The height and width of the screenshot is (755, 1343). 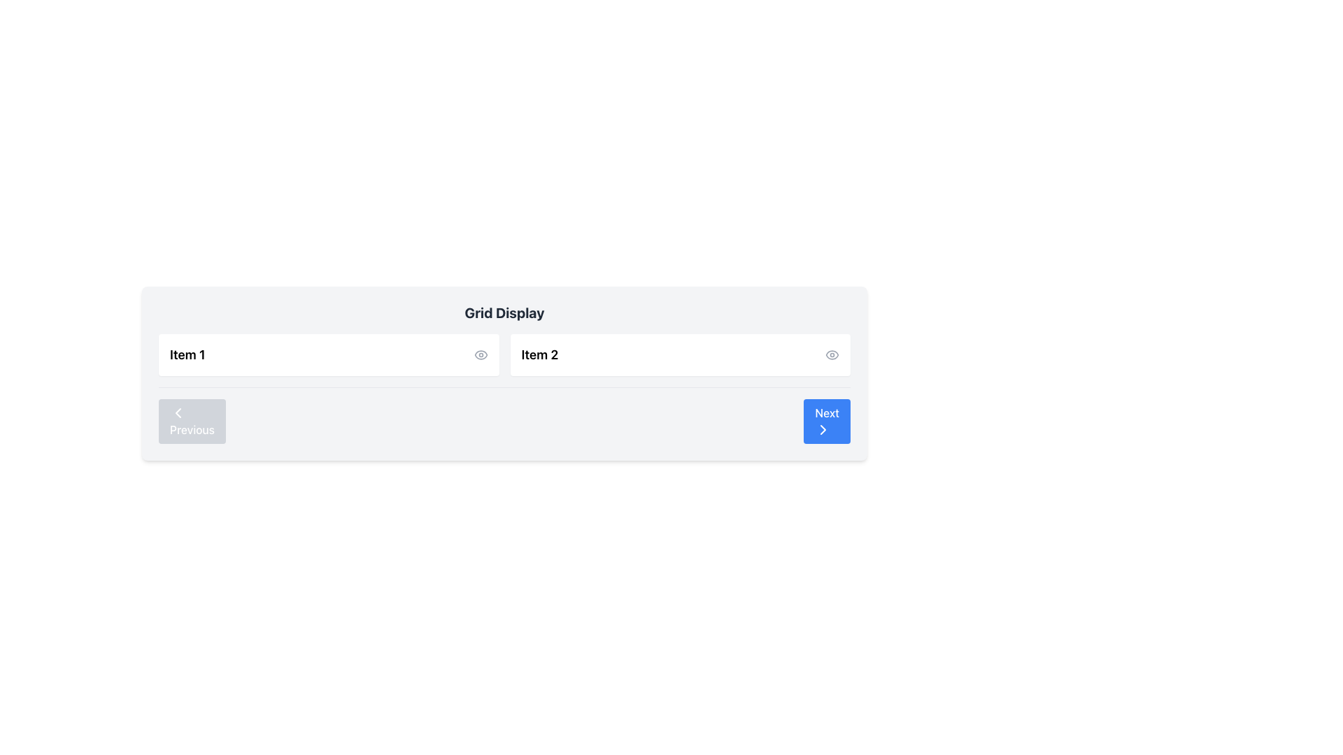 I want to click on the 'Previous' navigation button located in the bottom-left corner of the navigation footer, so click(x=191, y=420).